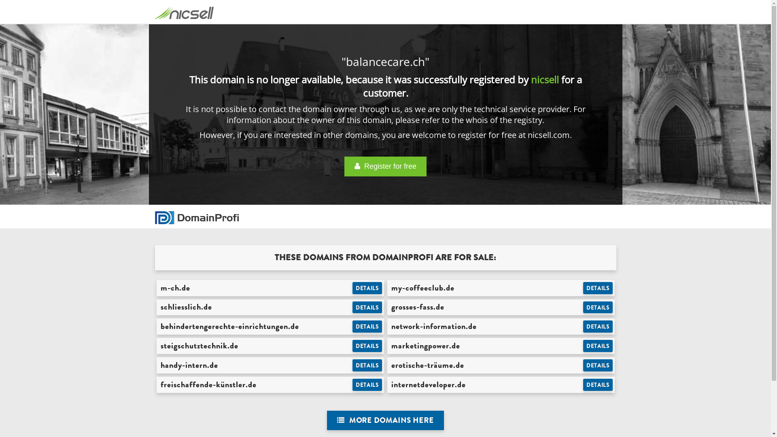 The image size is (777, 437). Describe the element at coordinates (598, 307) in the screenshot. I see `'DETAILS'` at that location.